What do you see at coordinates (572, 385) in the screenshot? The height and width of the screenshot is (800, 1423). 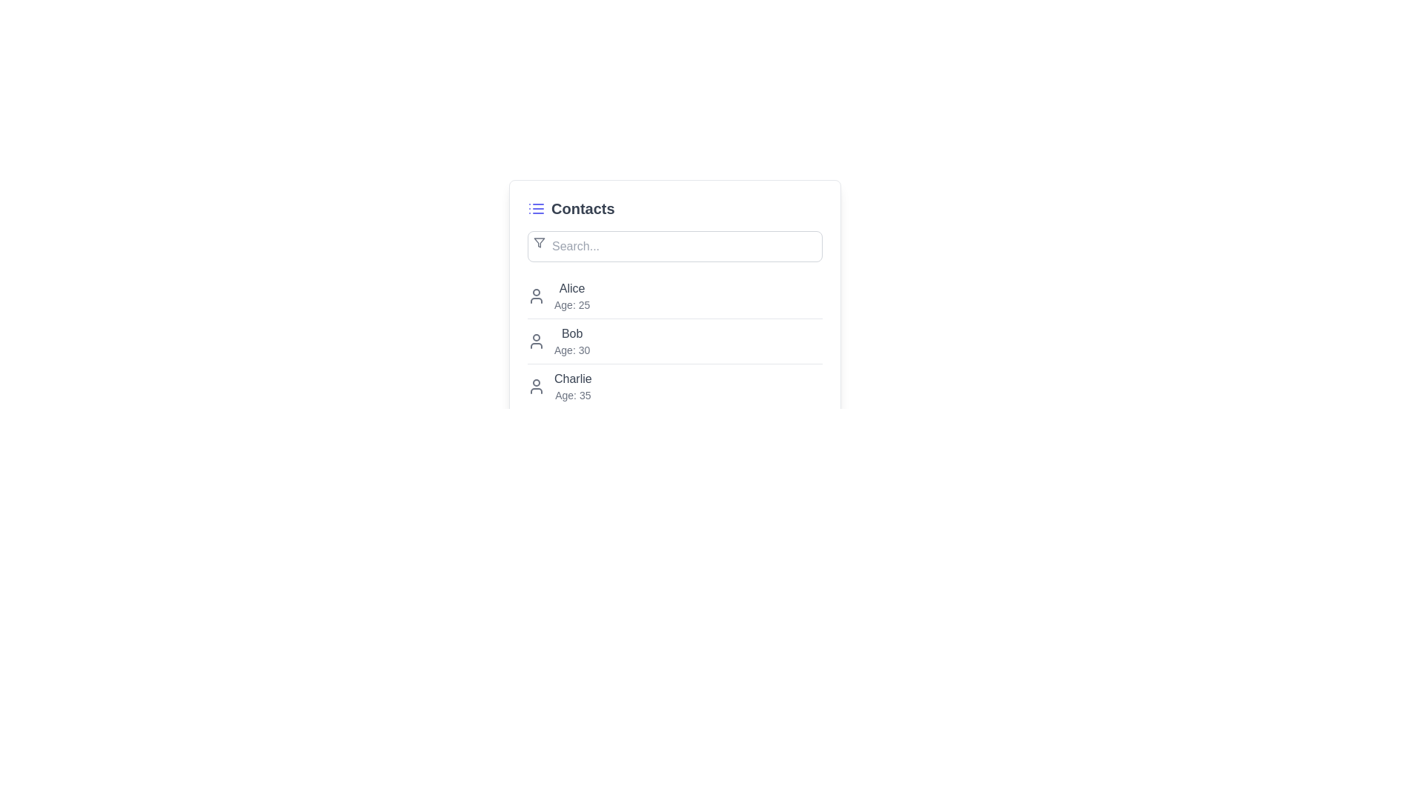 I see `the text block displaying 'Charlie' and 'Age: 35'` at bounding box center [572, 385].